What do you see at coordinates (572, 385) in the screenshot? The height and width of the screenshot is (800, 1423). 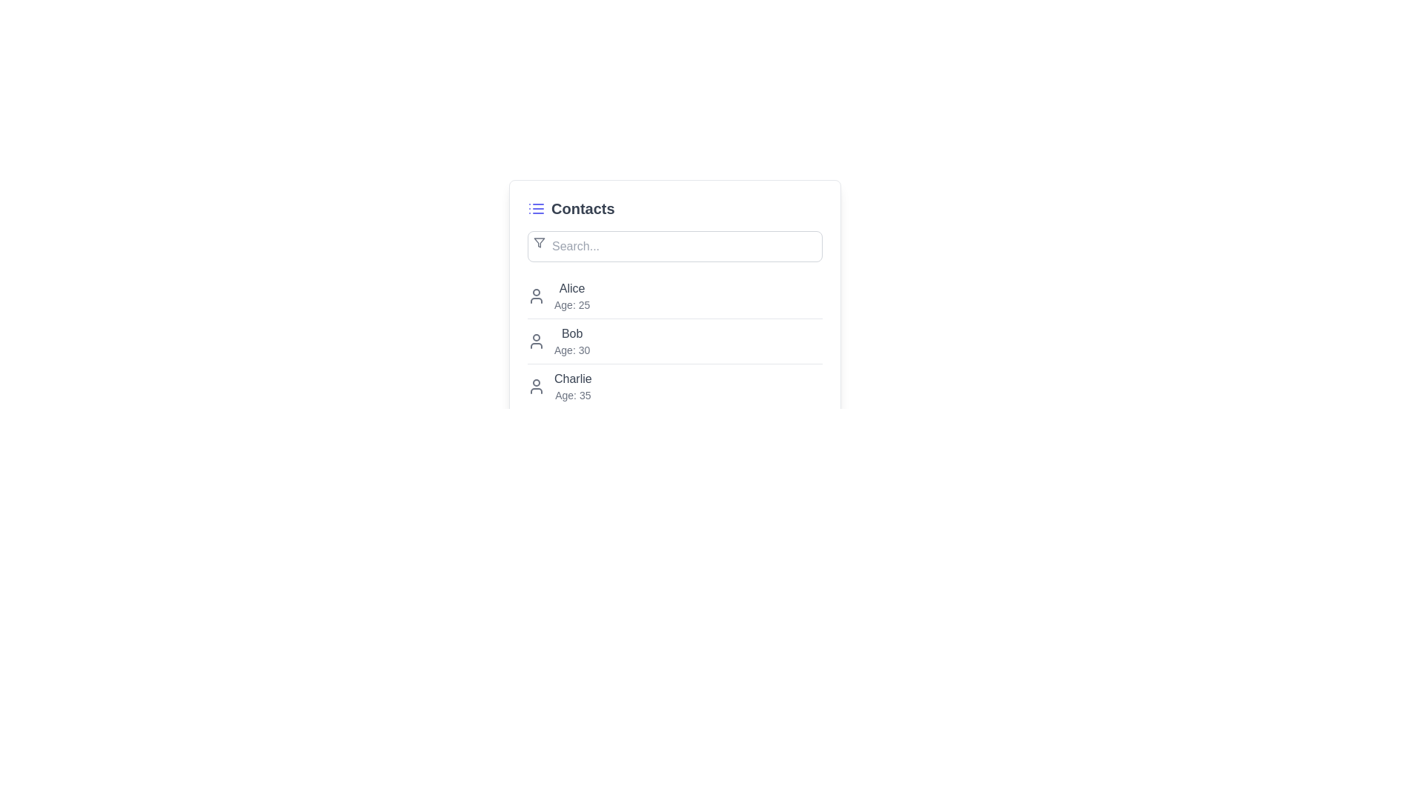 I see `the text block displaying 'Charlie' and 'Age: 35'` at bounding box center [572, 385].